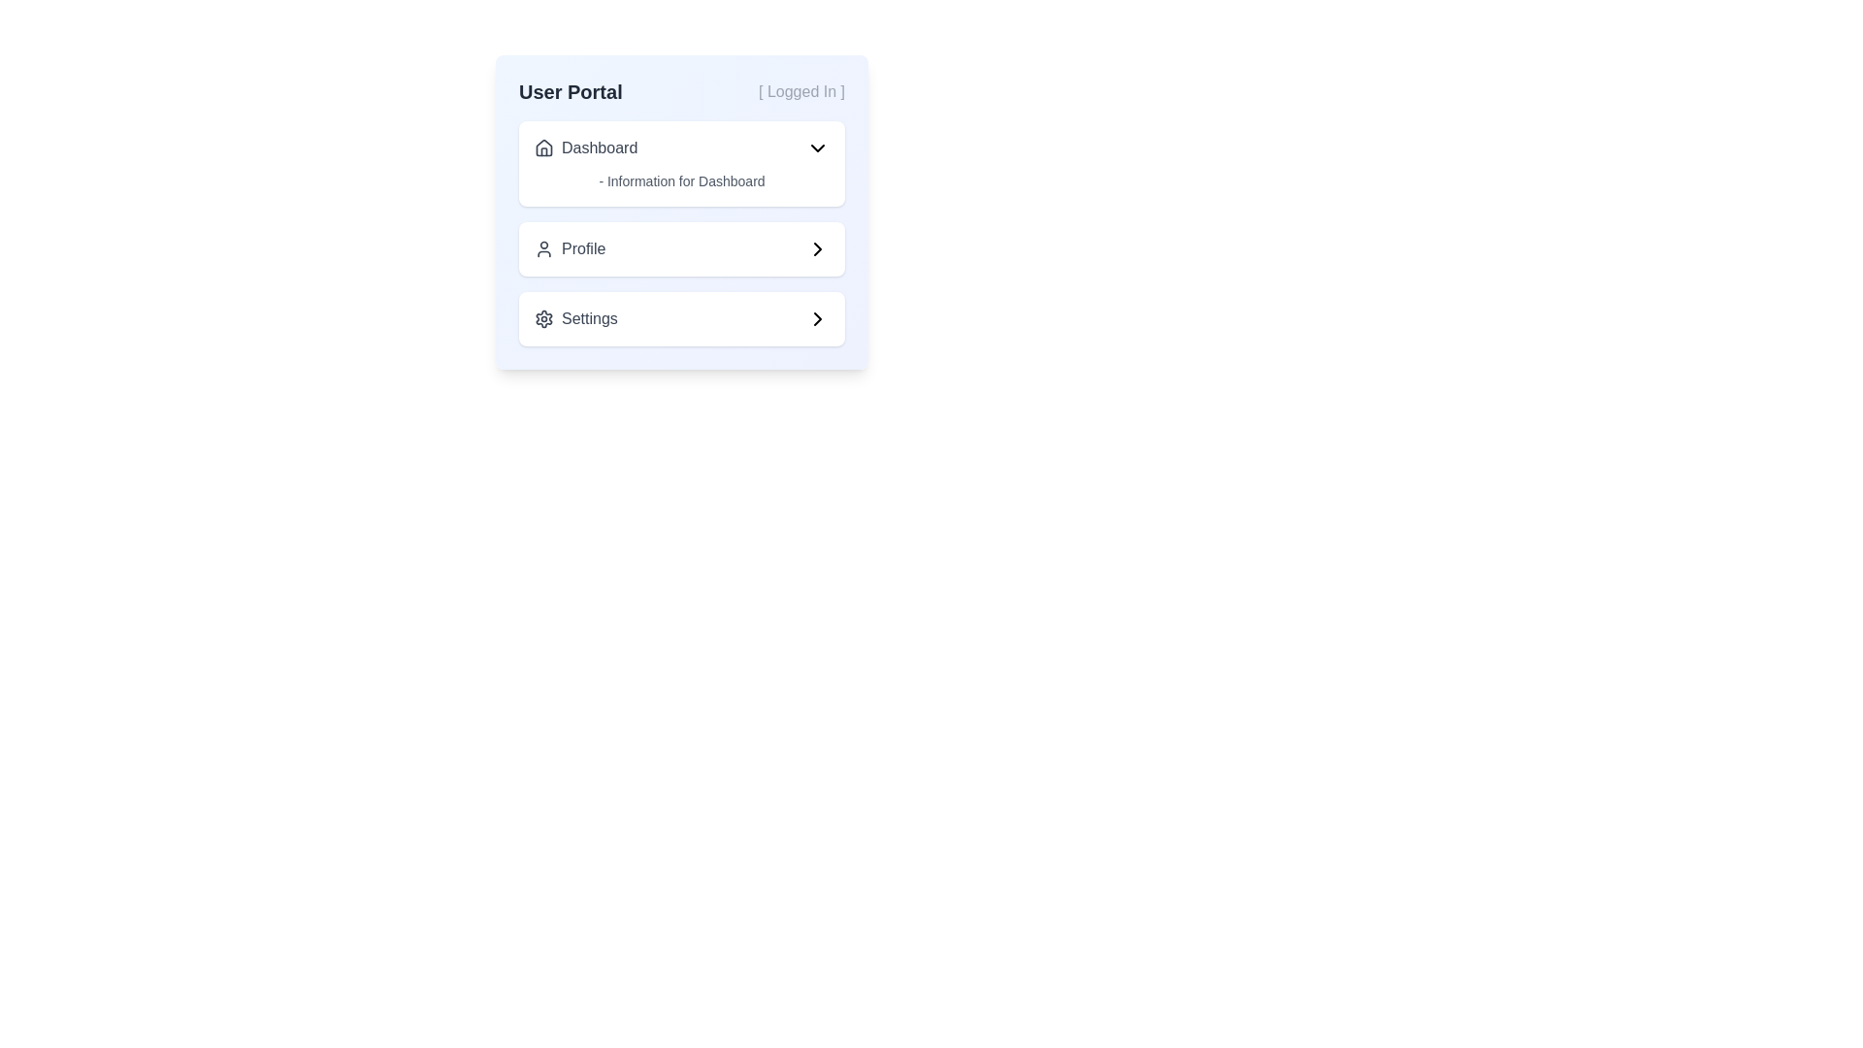  What do you see at coordinates (818, 317) in the screenshot?
I see `the rightward pointing chevron arrow icon button located at the far-right end of the 'Settings' list item to emphasize it` at bounding box center [818, 317].